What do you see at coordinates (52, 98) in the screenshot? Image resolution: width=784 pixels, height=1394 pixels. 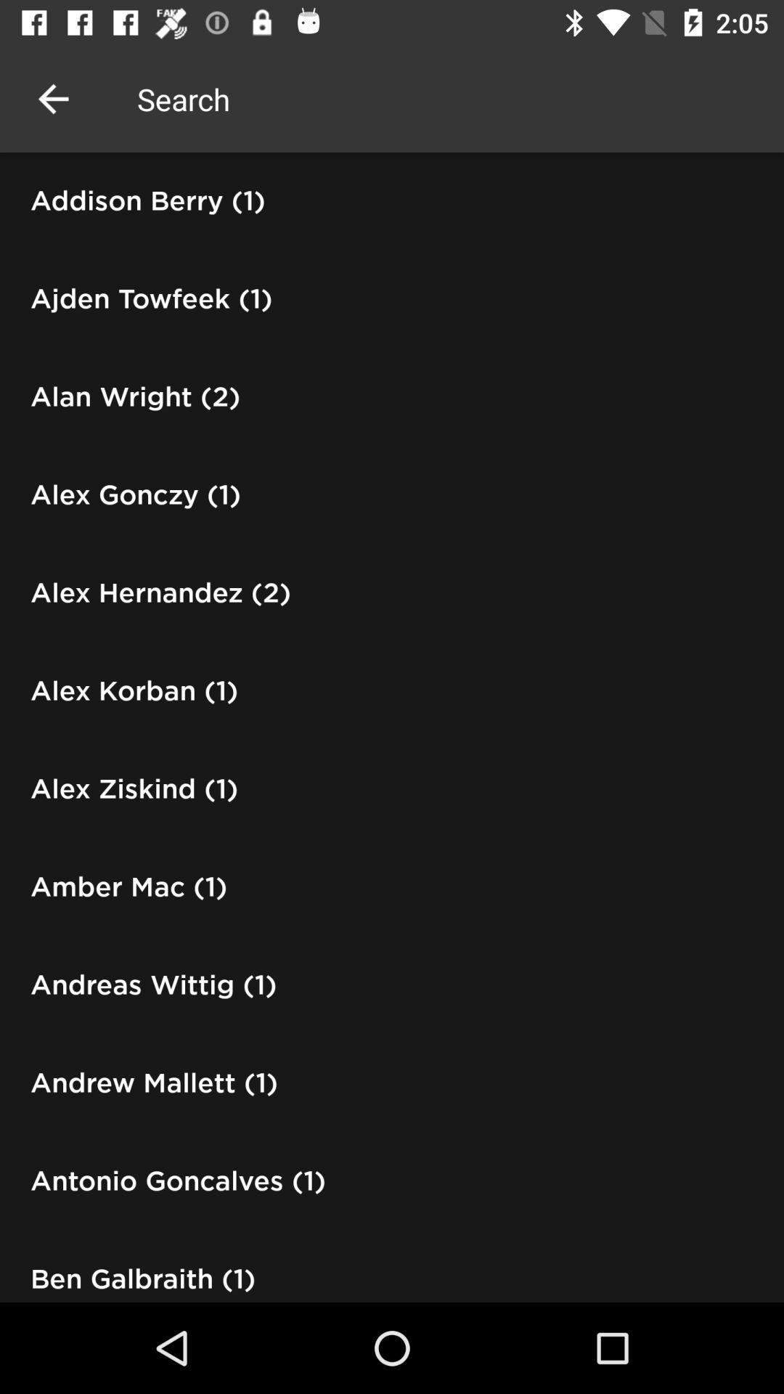 I see `the icon above addison berry (1)` at bounding box center [52, 98].